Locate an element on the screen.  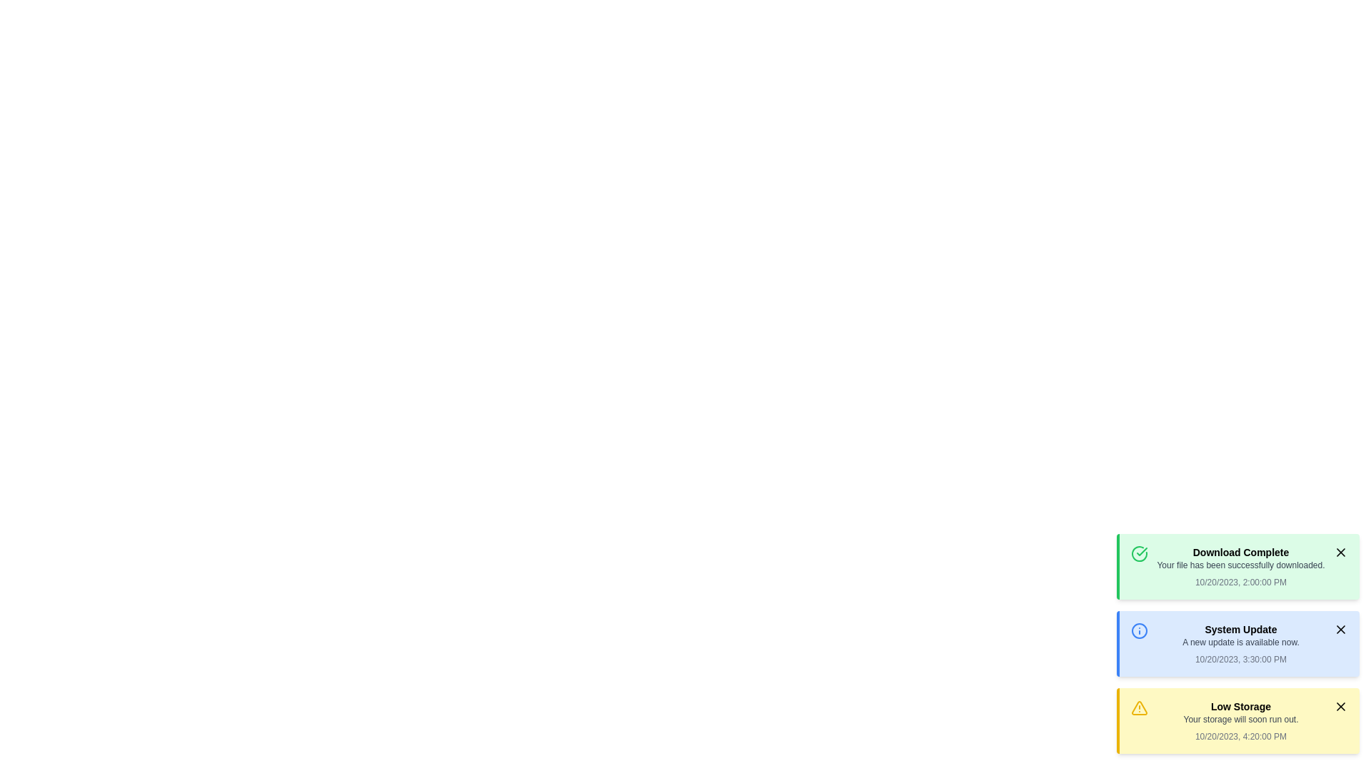
the cross-shaped icon at the top-right corner of the 'Low Storage' notification for potential tooltip or feedback is located at coordinates (1340, 707).